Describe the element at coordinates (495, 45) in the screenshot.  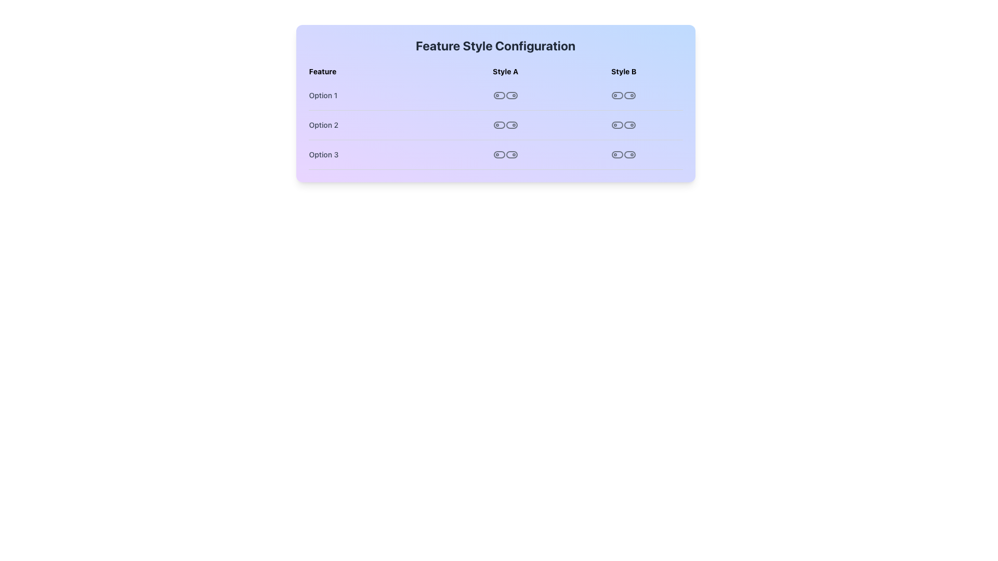
I see `bold, centered heading text 'Feature Style Configuration' located at the top of the panel with a gradient background` at that location.